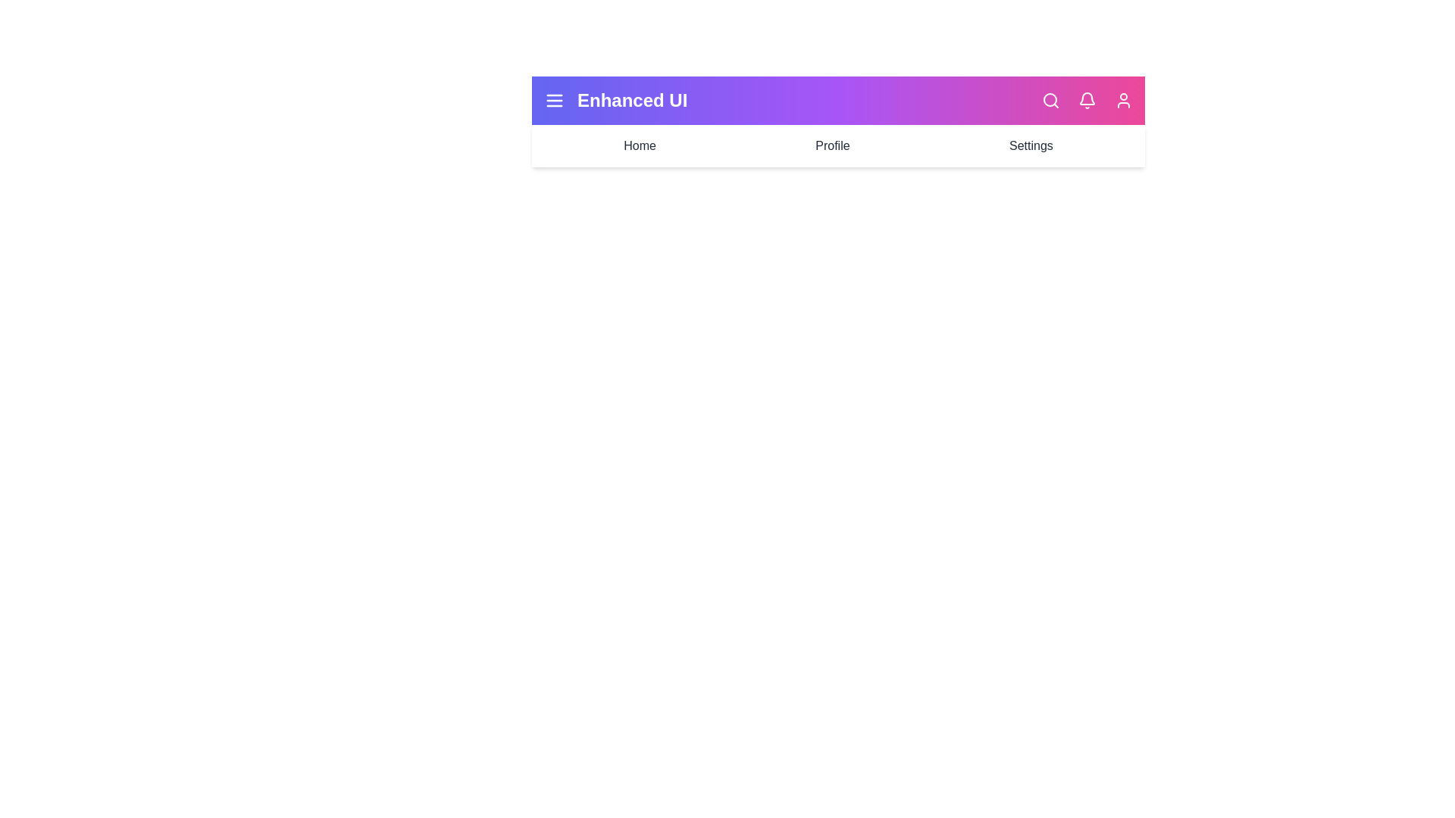  I want to click on the User icon in the EnhancedAppBar, so click(1124, 100).